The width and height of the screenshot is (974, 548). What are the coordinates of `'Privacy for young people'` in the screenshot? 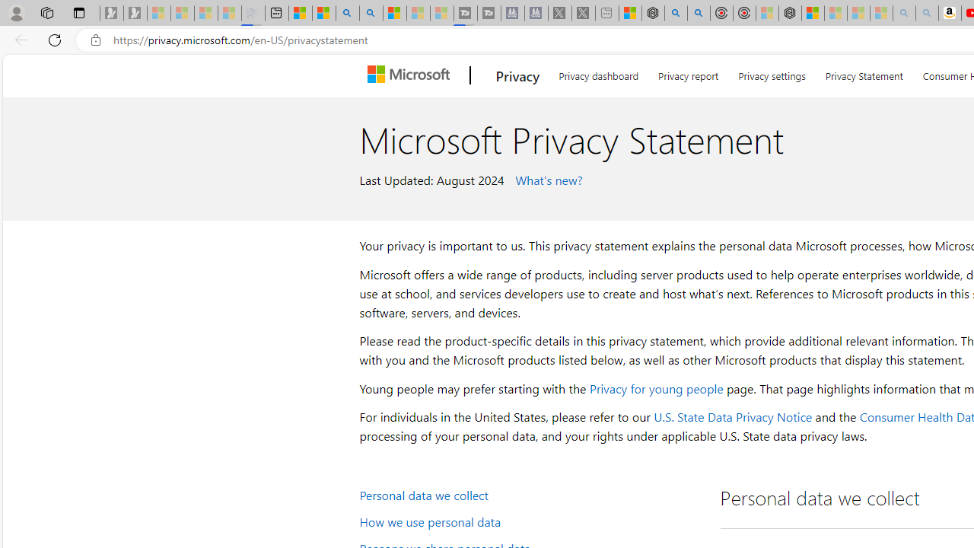 It's located at (656, 387).